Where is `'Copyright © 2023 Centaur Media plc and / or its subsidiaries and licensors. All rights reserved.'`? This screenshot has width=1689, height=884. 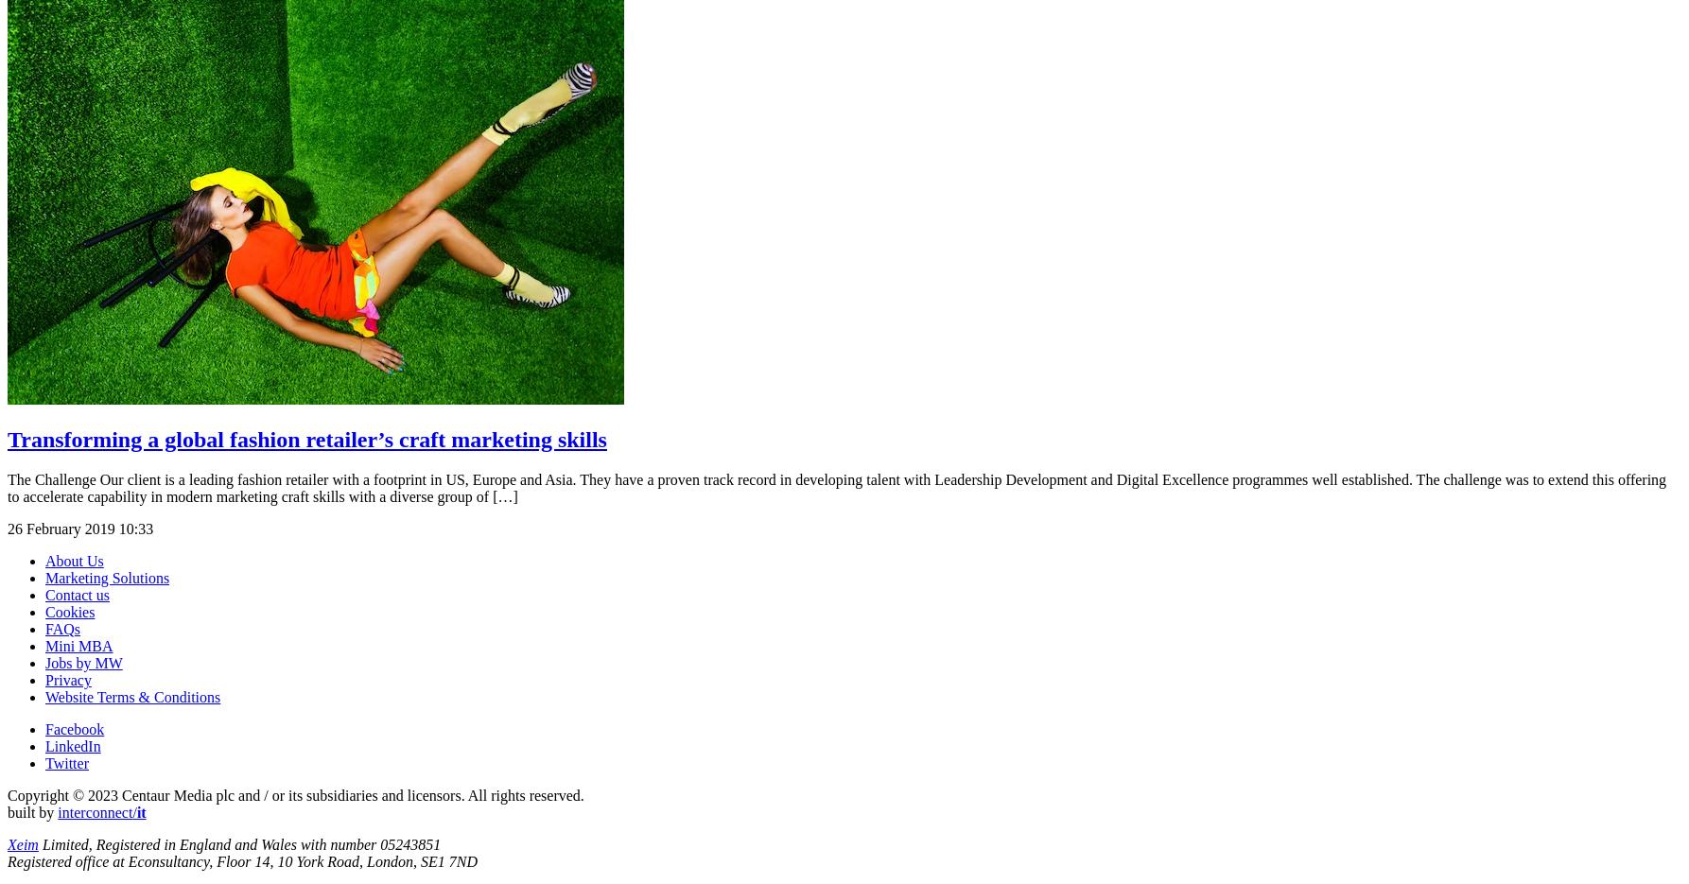 'Copyright © 2023 Centaur Media plc and / or its subsidiaries and licensors. All rights reserved.' is located at coordinates (8, 794).